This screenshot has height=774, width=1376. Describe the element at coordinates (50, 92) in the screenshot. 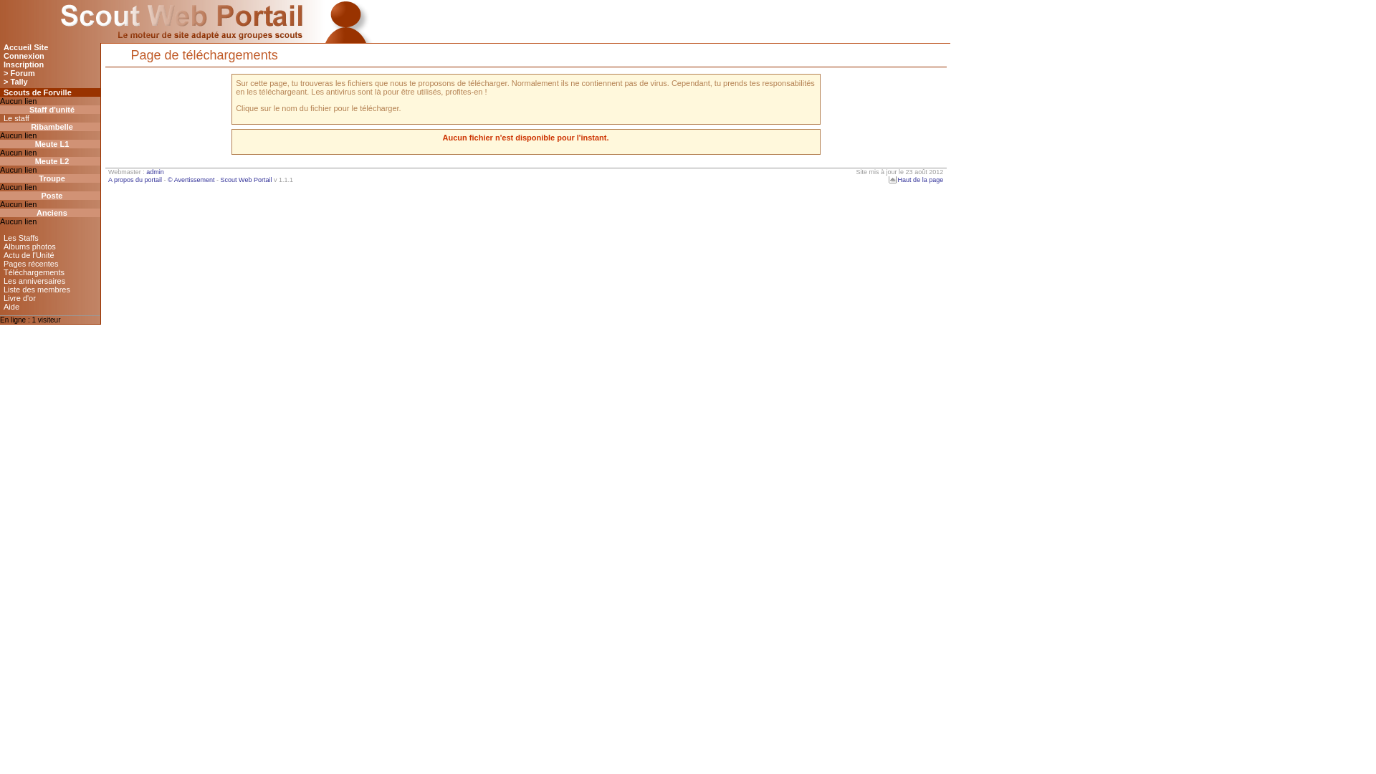

I see `'Scouts de Forville'` at that location.